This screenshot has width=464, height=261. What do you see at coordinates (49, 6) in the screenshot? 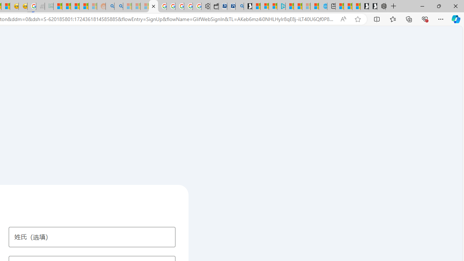
I see `'DITOGAMES AG Imprint - Sleeping'` at bounding box center [49, 6].